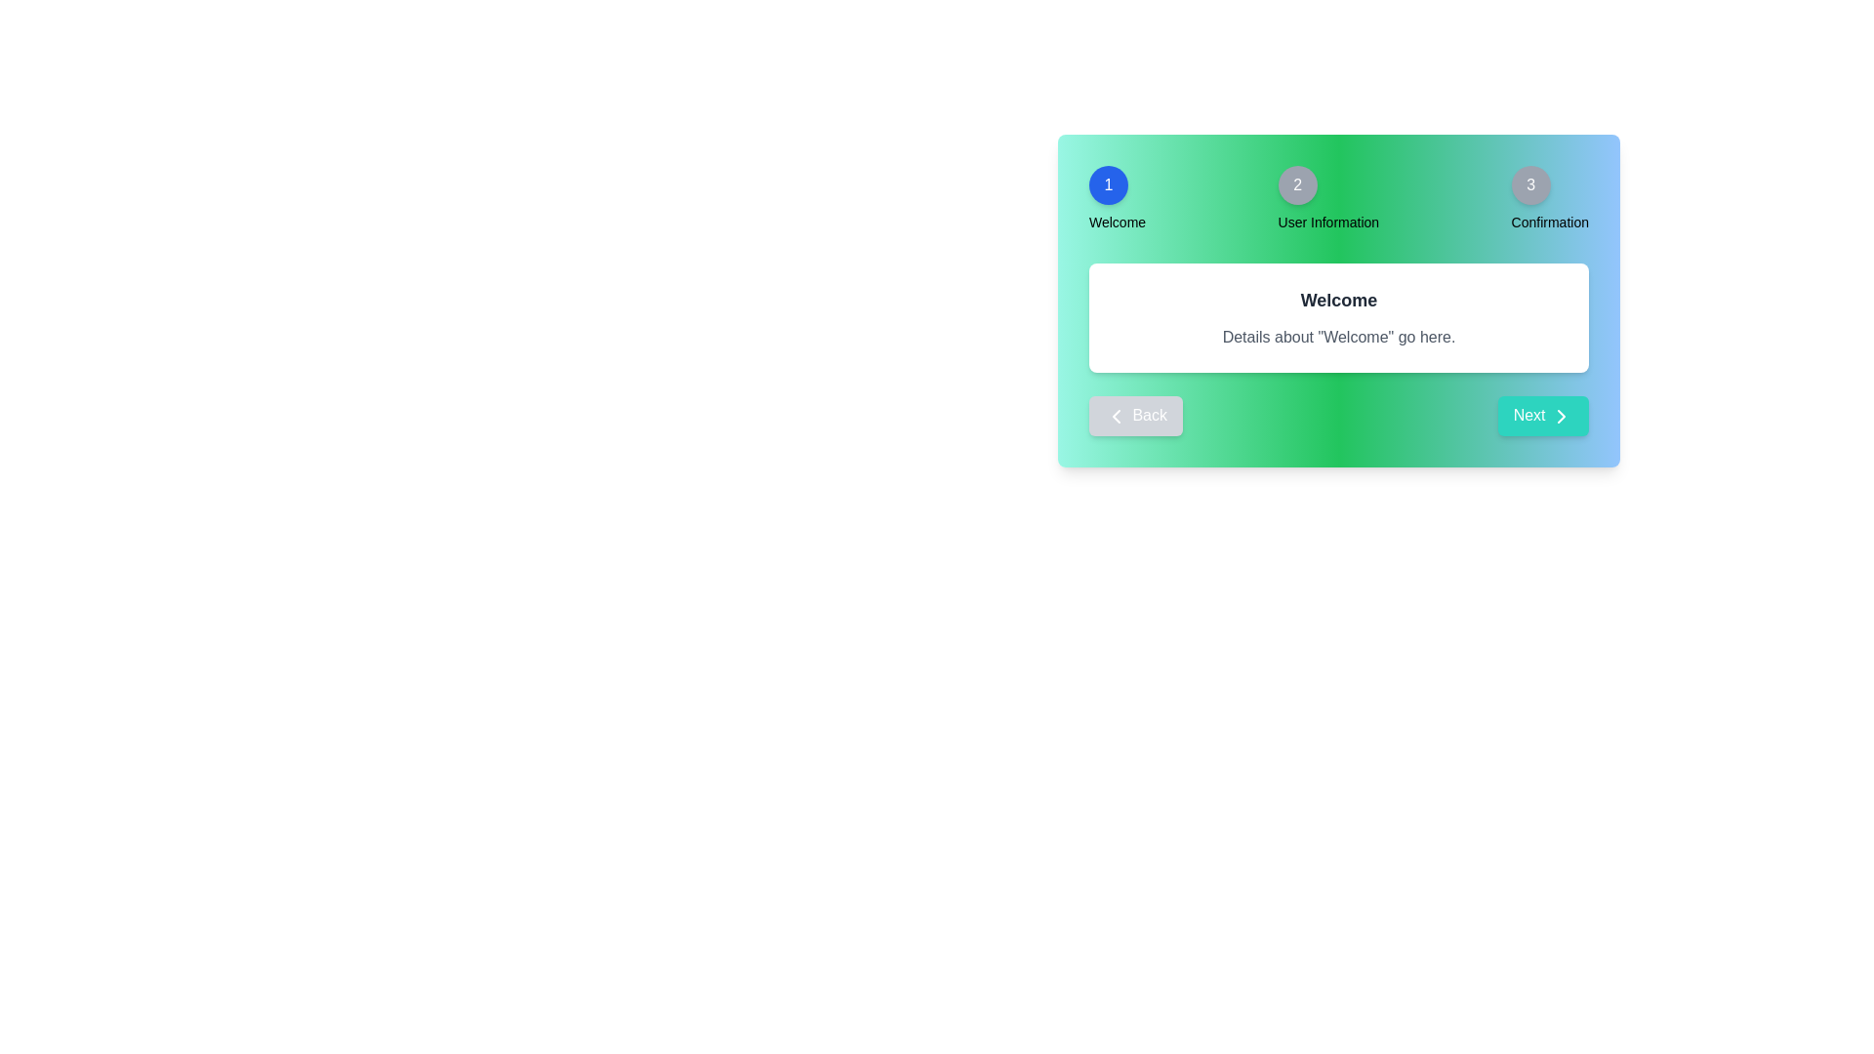 The width and height of the screenshot is (1874, 1054). What do you see at coordinates (1109, 184) in the screenshot?
I see `the step indicator for Welcome step` at bounding box center [1109, 184].